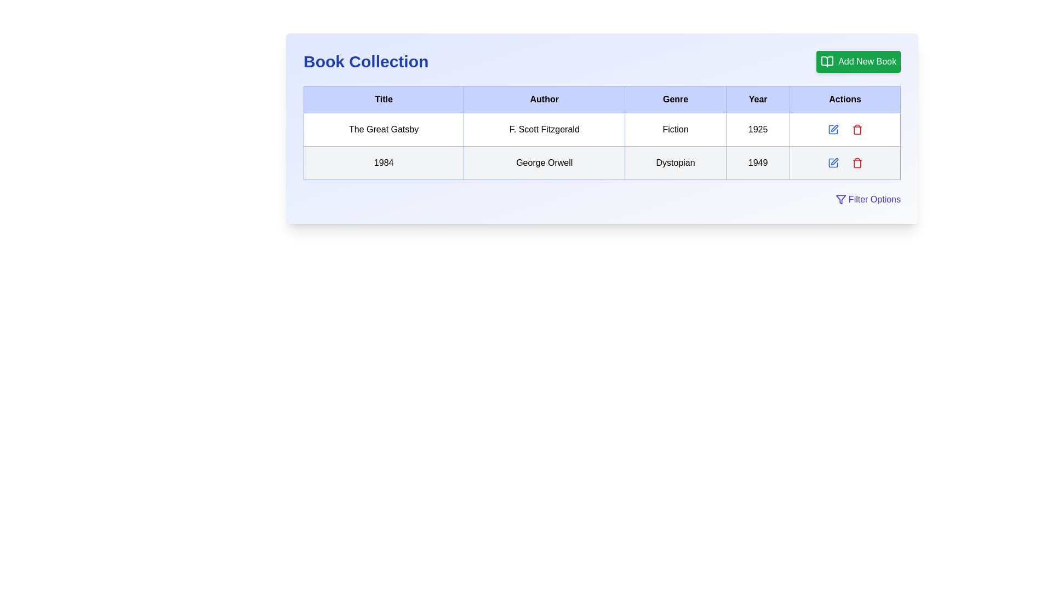 This screenshot has width=1052, height=591. I want to click on the Text Label that serves as a header or title for the section, positioned at the top-left corner, left-aligned before the 'Add New Book' button, so click(366, 61).